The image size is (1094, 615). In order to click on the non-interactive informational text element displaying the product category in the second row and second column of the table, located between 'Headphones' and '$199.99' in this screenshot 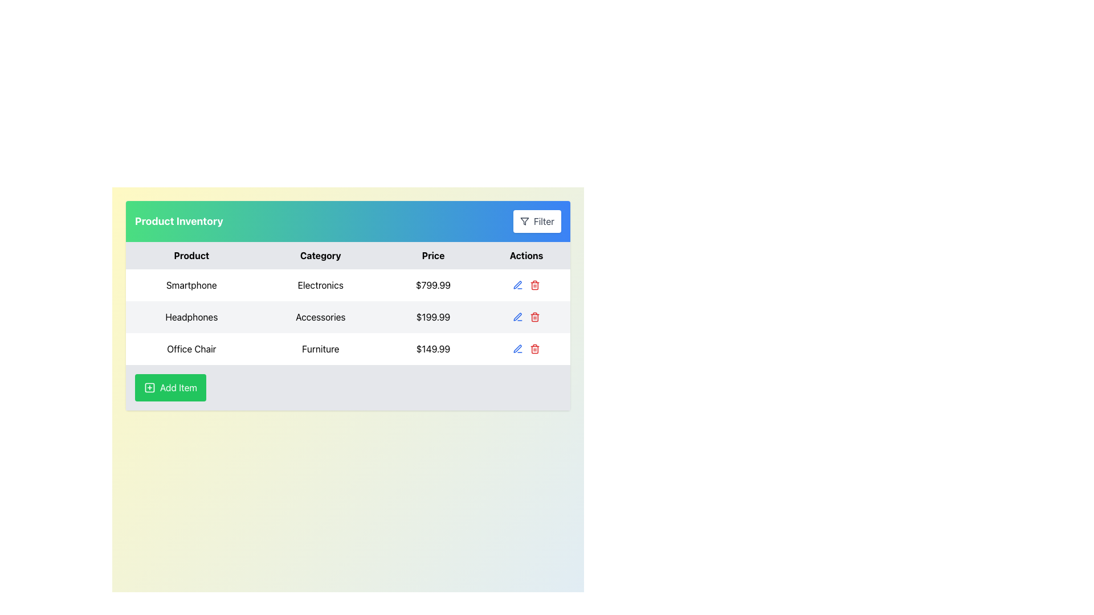, I will do `click(320, 317)`.